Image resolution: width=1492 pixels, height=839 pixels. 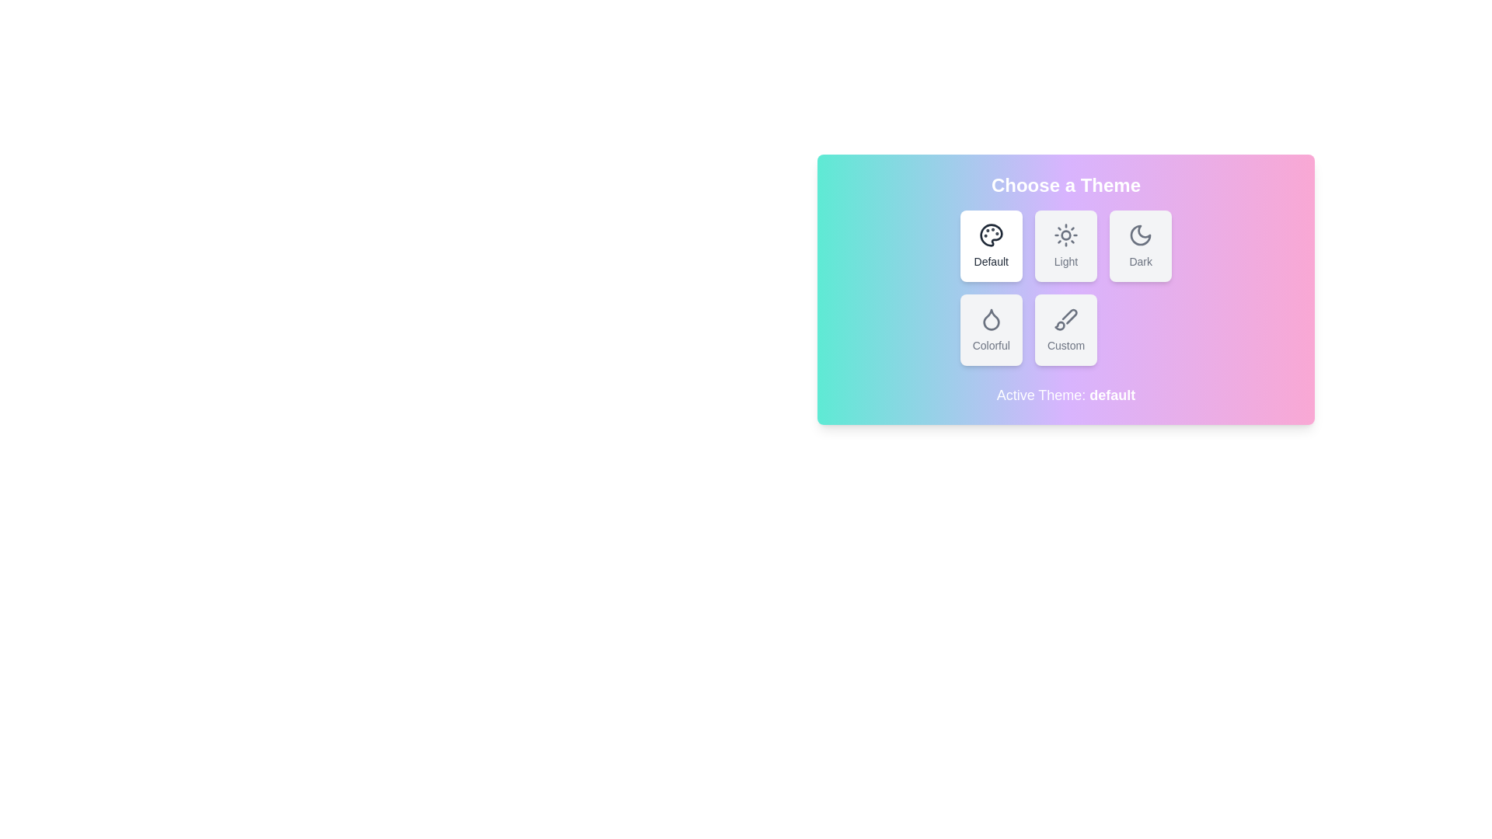 What do you see at coordinates (990, 329) in the screenshot?
I see `the theme colorful by clicking the corresponding button` at bounding box center [990, 329].